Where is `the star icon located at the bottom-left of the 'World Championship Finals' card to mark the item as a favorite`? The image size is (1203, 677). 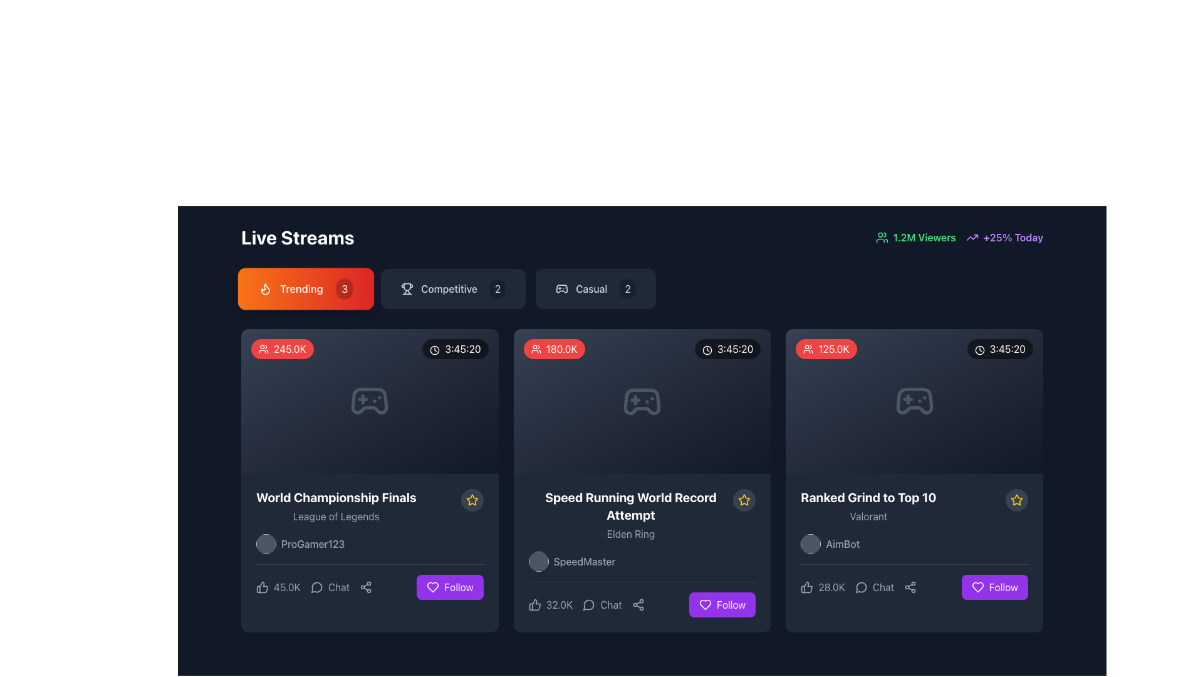
the star icon located at the bottom-left of the 'World Championship Finals' card to mark the item as a favorite is located at coordinates (471, 500).